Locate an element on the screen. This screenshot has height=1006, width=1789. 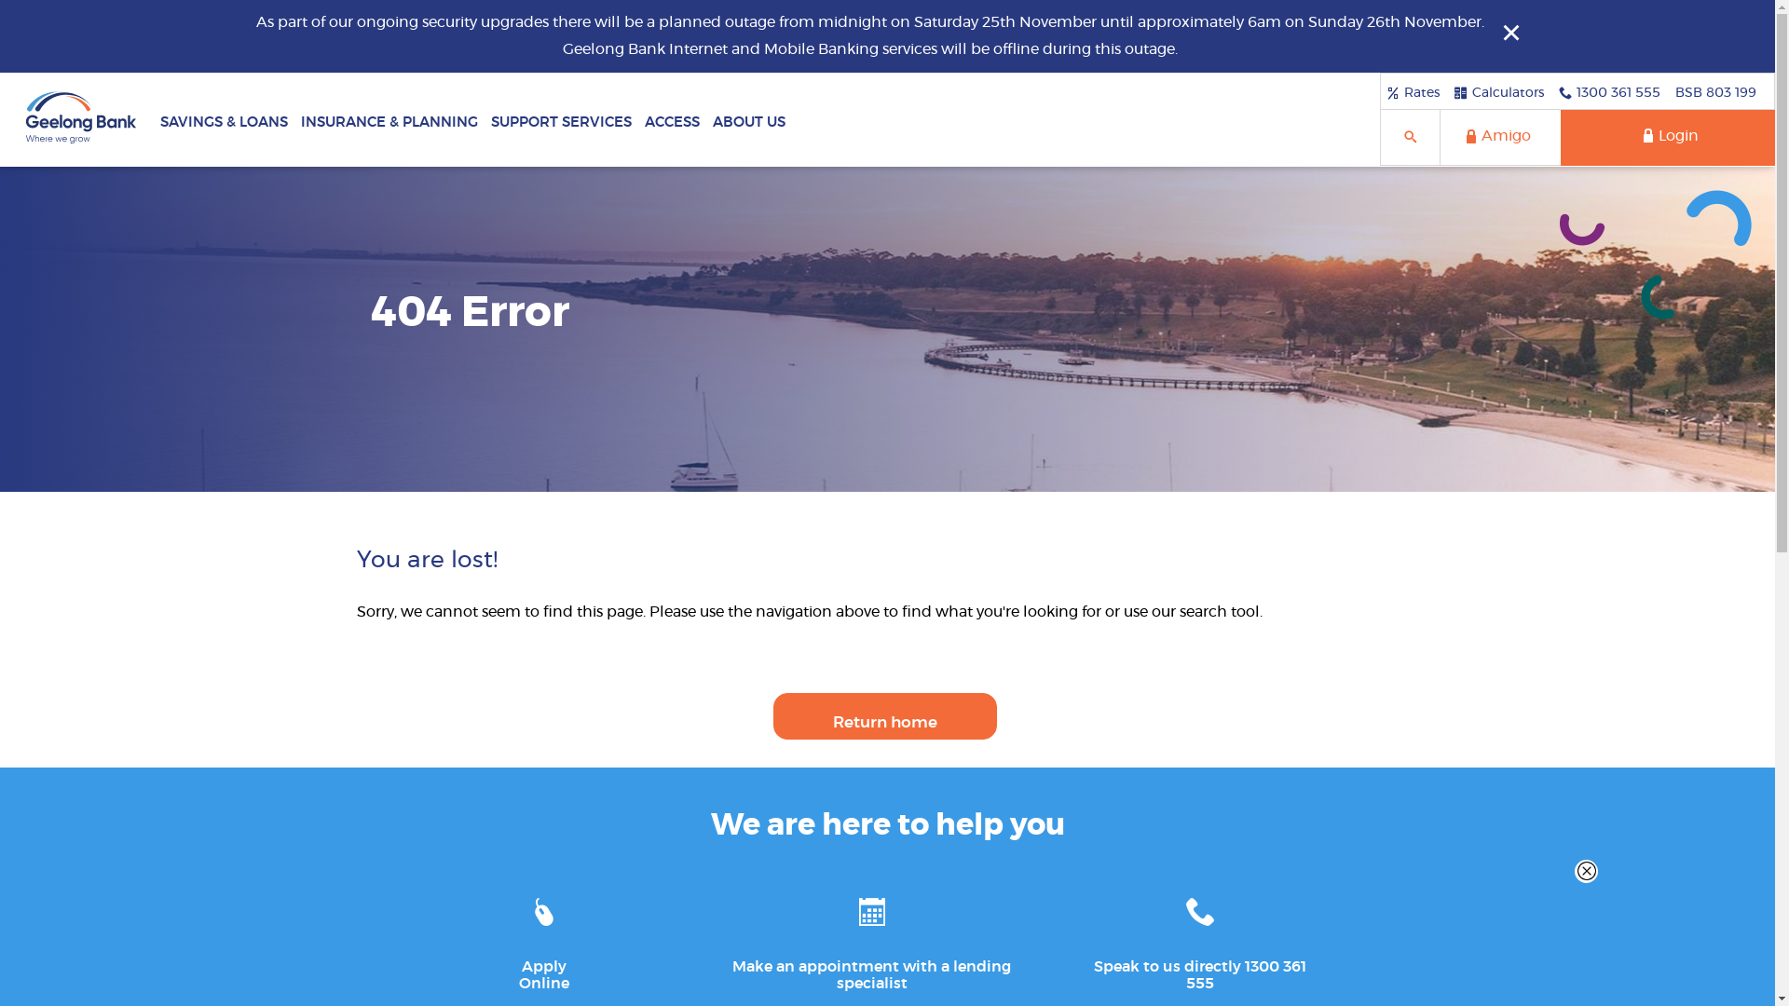
'SAVINGS & LOANS' is located at coordinates (224, 118).